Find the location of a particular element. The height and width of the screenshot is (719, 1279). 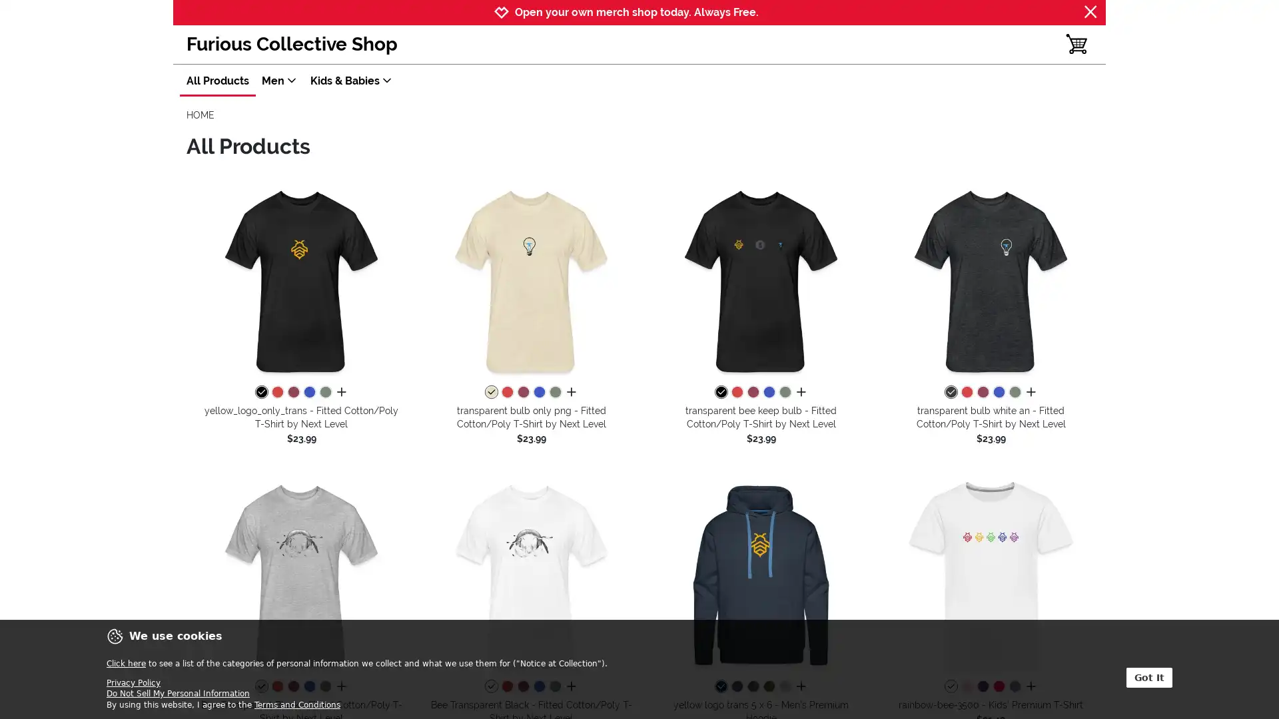

rainbow-bee-3500 - Kids' Premium T-Shirt is located at coordinates (991, 574).